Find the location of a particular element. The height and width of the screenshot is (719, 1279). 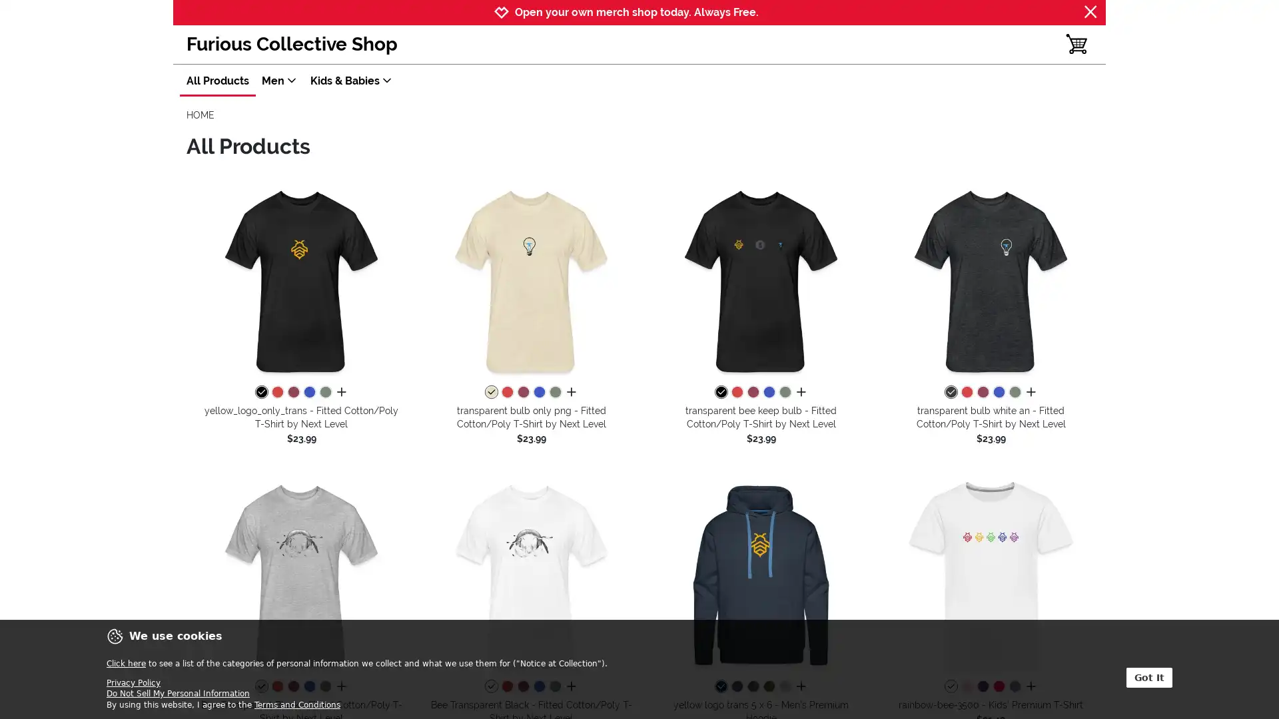

rainbow-bee-3500 - Kids' Premium T-Shirt is located at coordinates (991, 574).